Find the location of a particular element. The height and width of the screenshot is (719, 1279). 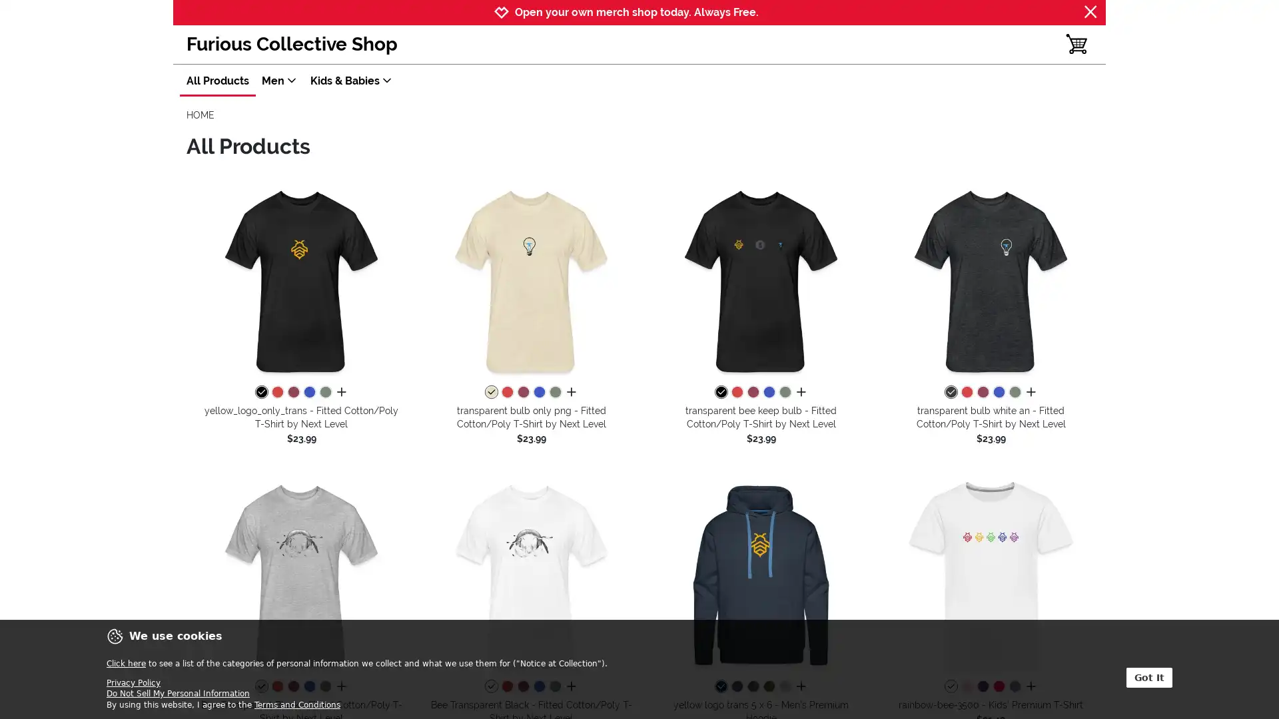

rainbow-bee-3500 - Kids' Premium T-Shirt is located at coordinates (991, 574).